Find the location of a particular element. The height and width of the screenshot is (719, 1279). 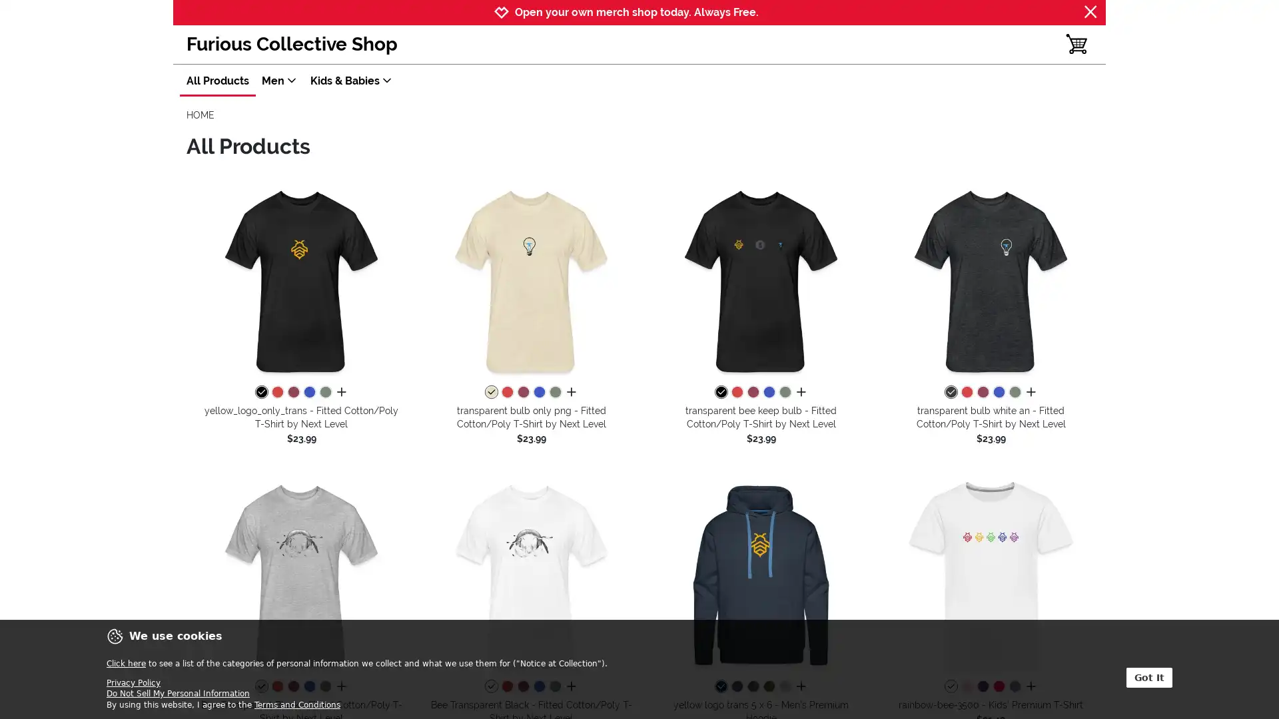

rainbow-bee-3500 - Kids' Premium T-Shirt is located at coordinates (991, 574).